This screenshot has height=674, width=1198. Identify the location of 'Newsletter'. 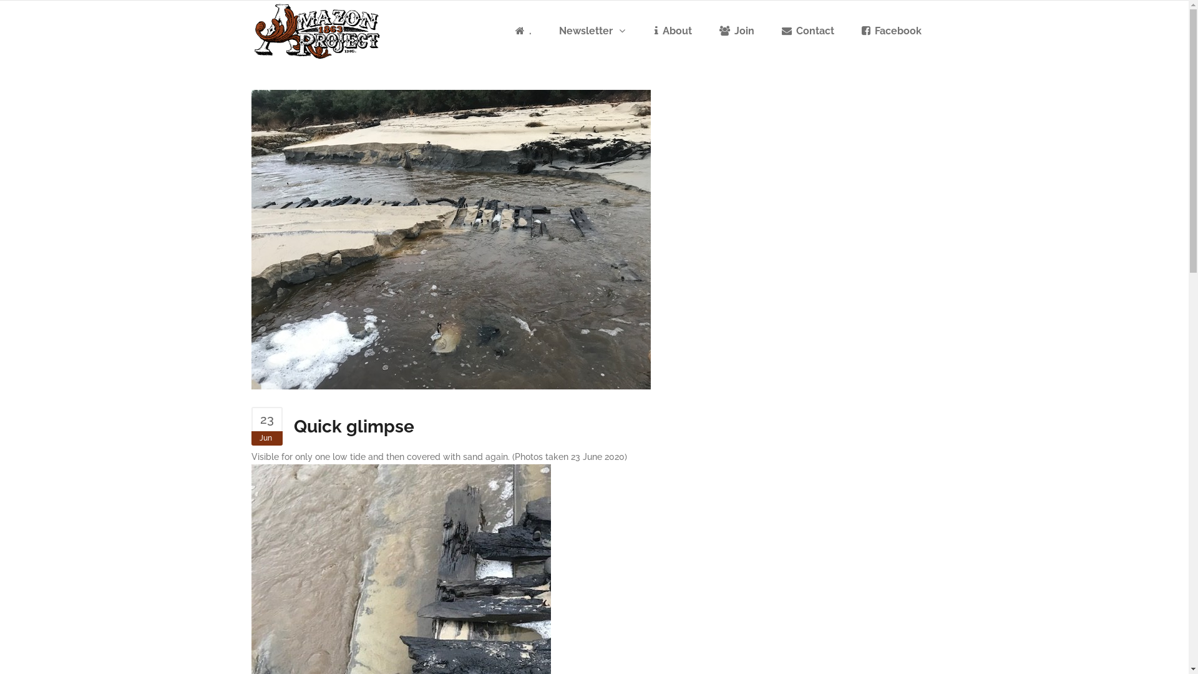
(592, 31).